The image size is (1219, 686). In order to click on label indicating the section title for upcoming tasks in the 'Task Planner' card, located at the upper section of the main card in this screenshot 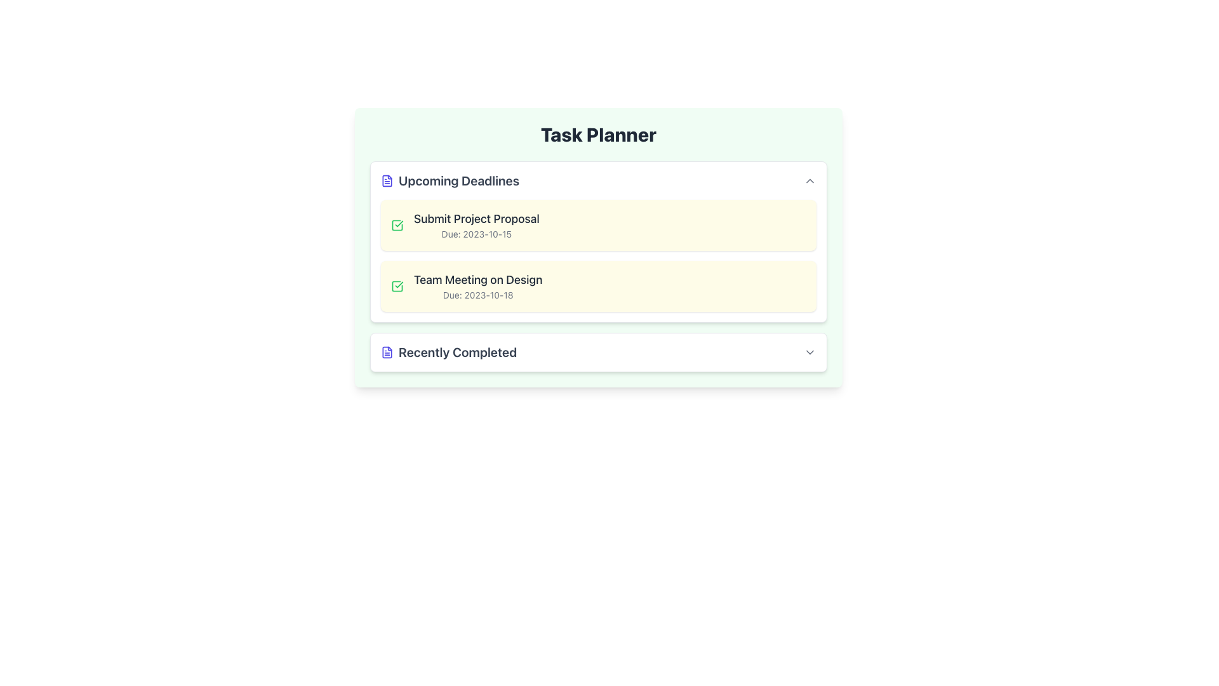, I will do `click(450, 181)`.